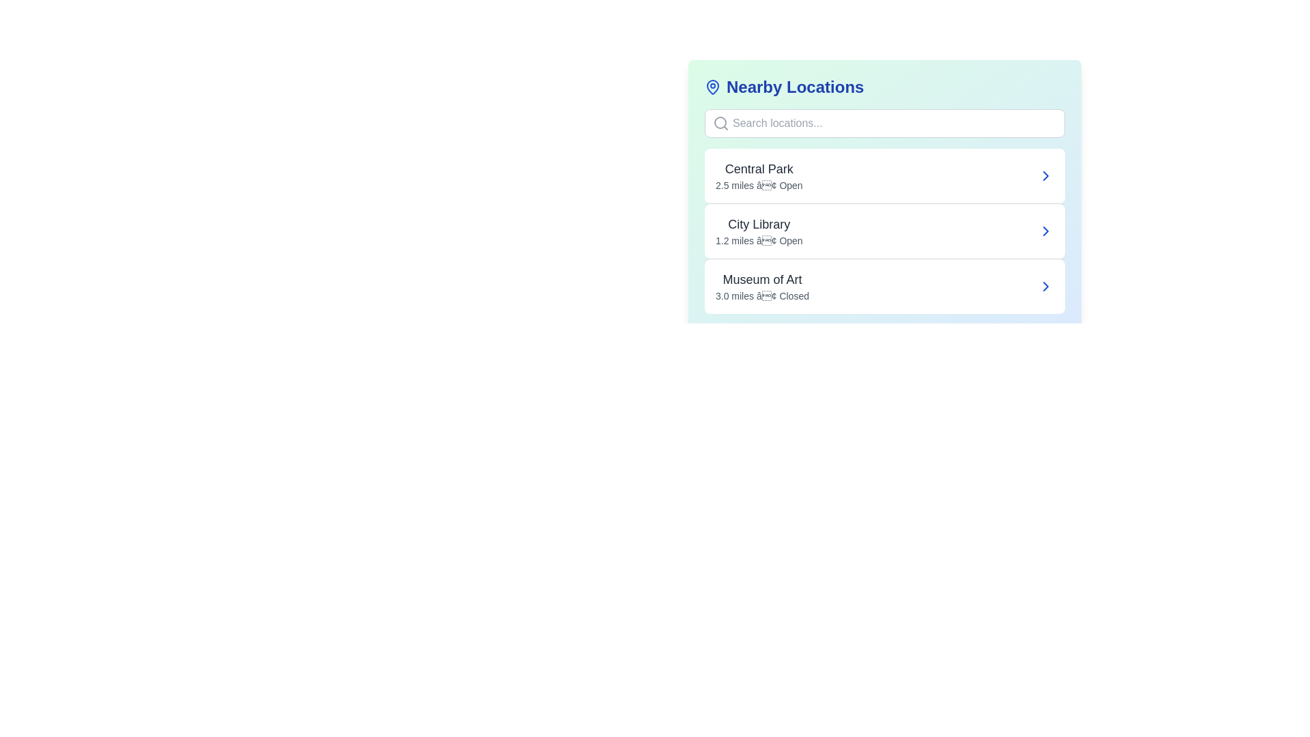 Image resolution: width=1310 pixels, height=737 pixels. What do you see at coordinates (758, 168) in the screenshot?
I see `the title of the first location` at bounding box center [758, 168].